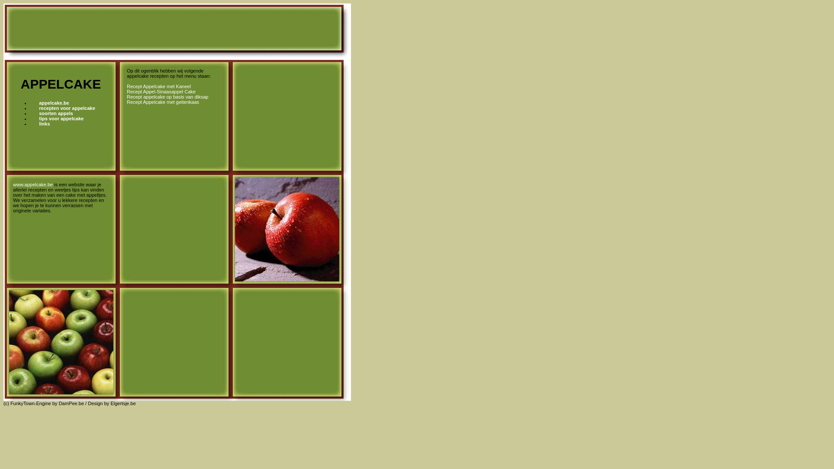 The height and width of the screenshot is (469, 834). I want to click on 'DamPee.be', so click(71, 403).